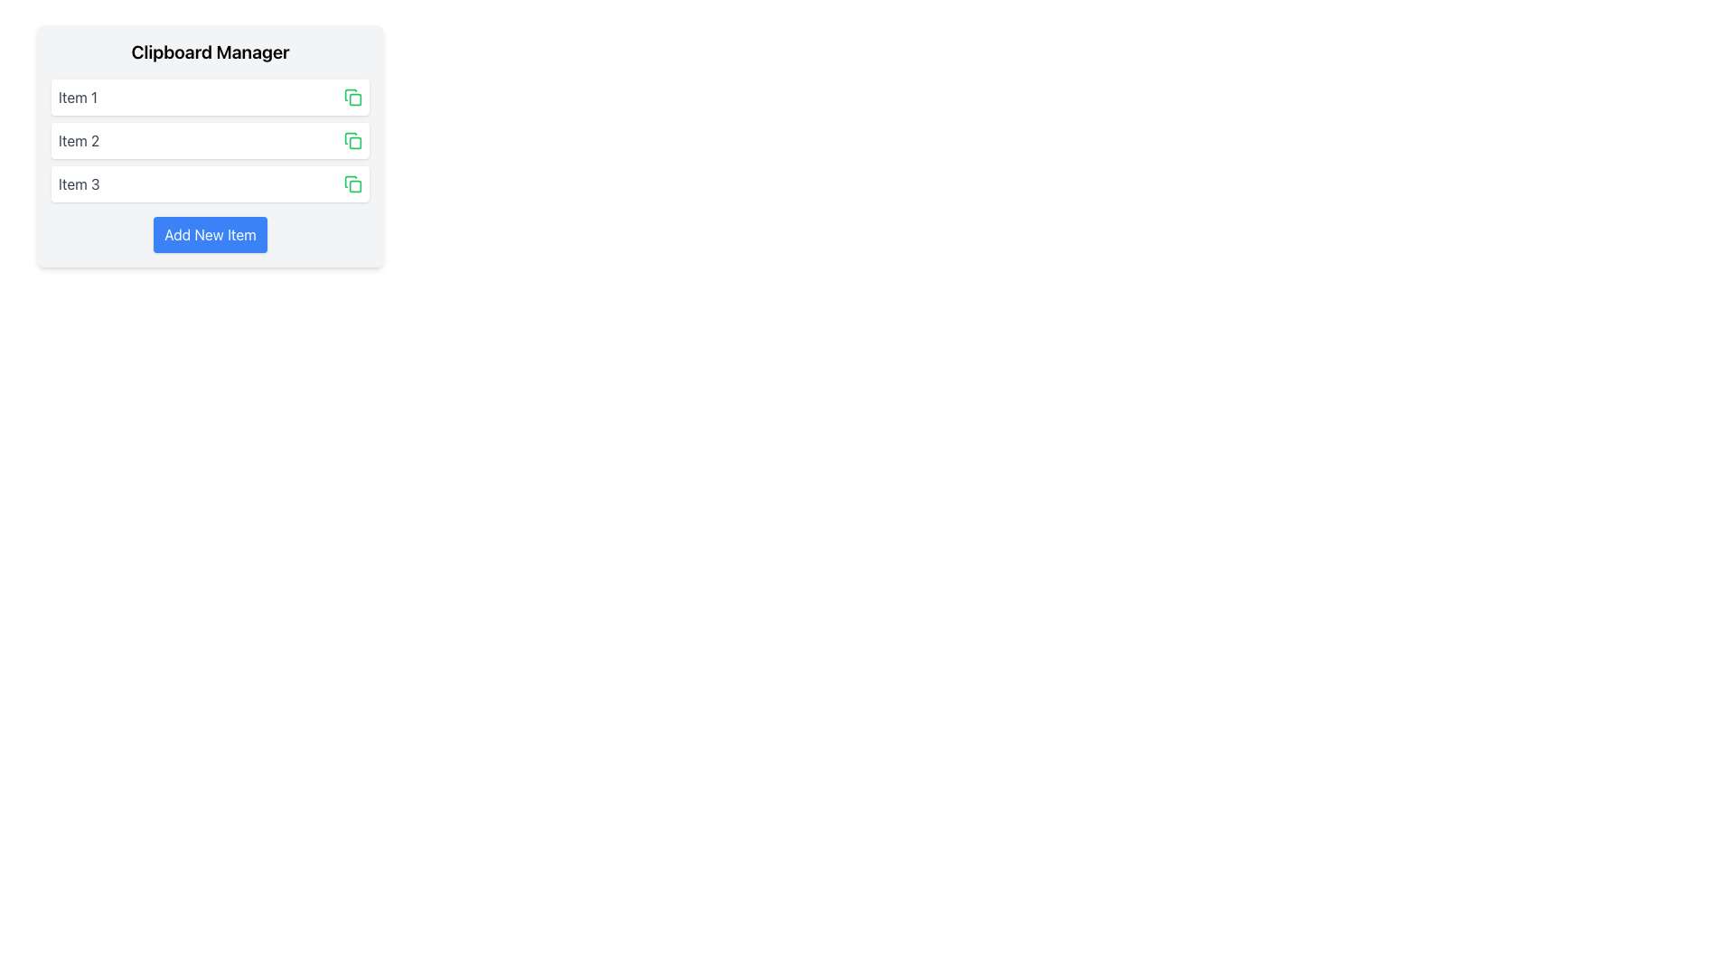  I want to click on the green icon located to the right of the 'Item 1' label in the Clipboard Manager, so click(352, 98).